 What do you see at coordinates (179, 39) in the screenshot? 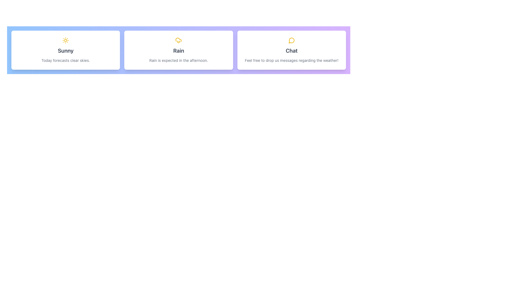
I see `the cloud with rainfall icon located in the second card labeled 'Rain' for accessibility tools` at bounding box center [179, 39].